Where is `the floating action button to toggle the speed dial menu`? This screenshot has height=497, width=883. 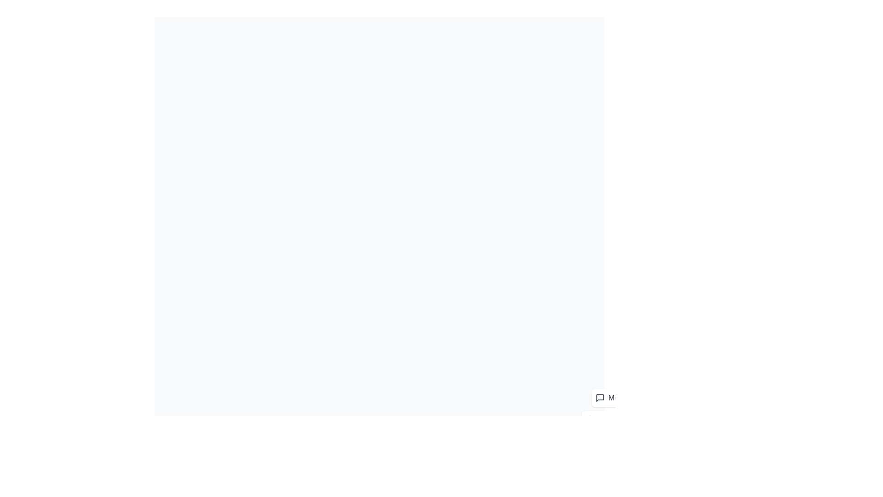 the floating action button to toggle the speed dial menu is located at coordinates (589, 495).